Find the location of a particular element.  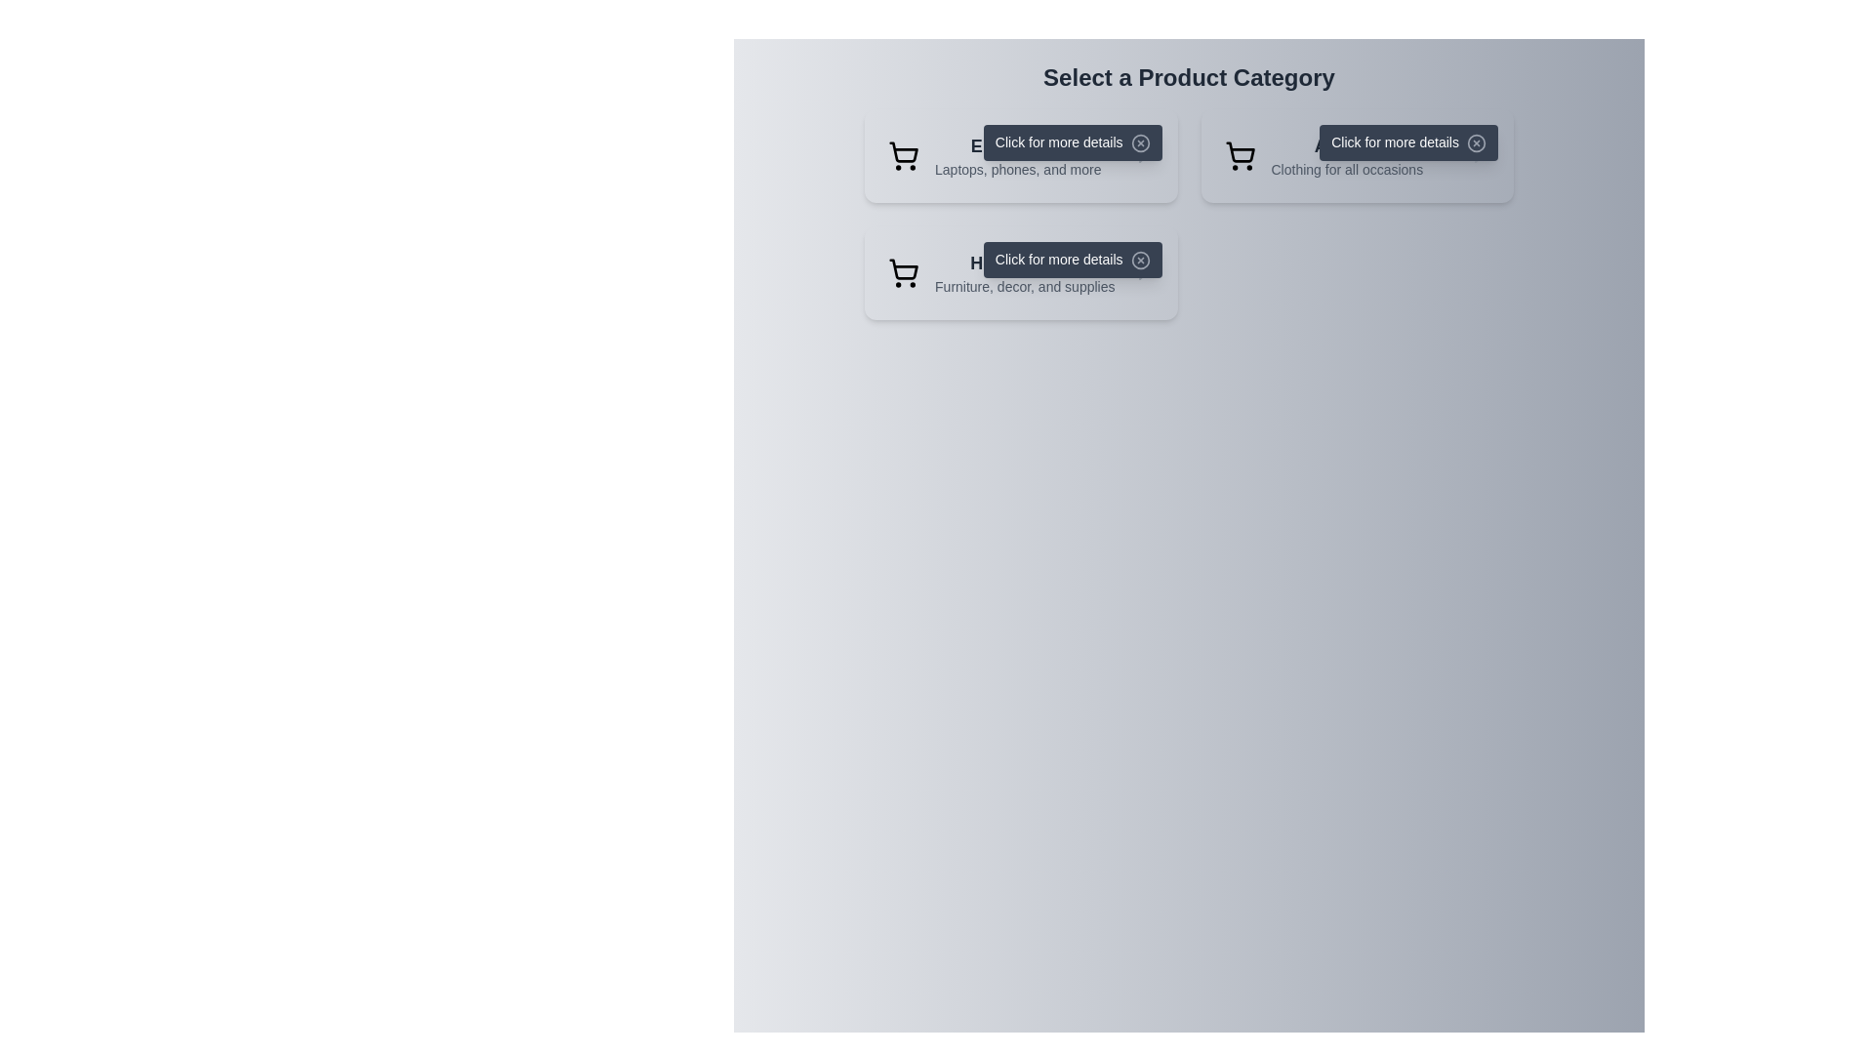

the black cart icon located within the 'Electronics' button that has a light gray background and rounded corners is located at coordinates (903, 151).